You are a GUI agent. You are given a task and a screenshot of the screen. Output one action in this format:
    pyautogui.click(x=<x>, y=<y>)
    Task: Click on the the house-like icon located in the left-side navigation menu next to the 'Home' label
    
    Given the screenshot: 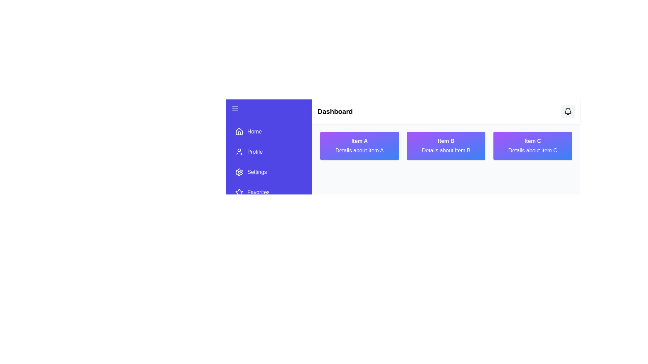 What is the action you would take?
    pyautogui.click(x=239, y=131)
    